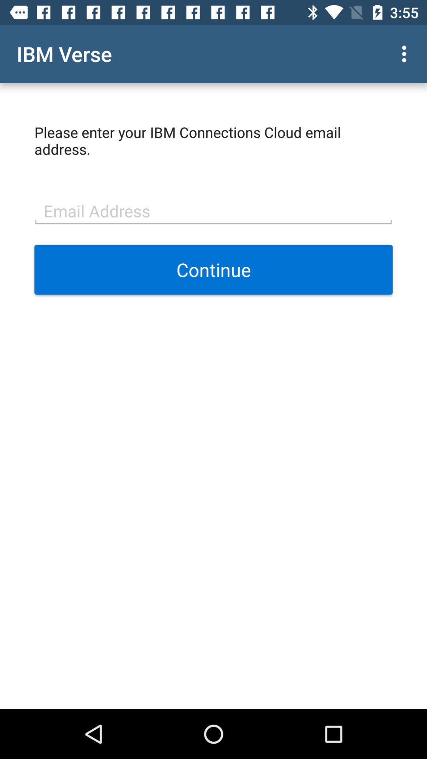 The height and width of the screenshot is (759, 427). What do you see at coordinates (213, 270) in the screenshot?
I see `the continue` at bounding box center [213, 270].